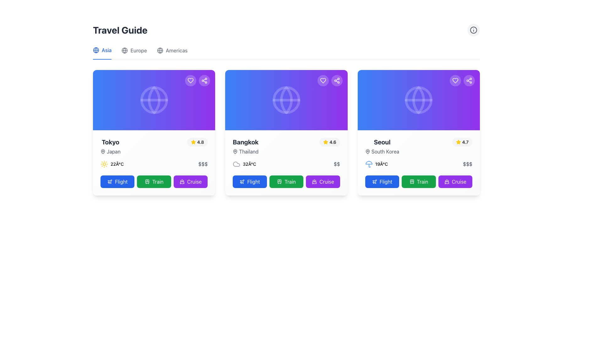 Image resolution: width=603 pixels, height=339 pixels. What do you see at coordinates (112, 164) in the screenshot?
I see `the temperature display text for the city Tokyo, which is located beneath the city name and country in the card layout, accompanied by a weather-related icon` at bounding box center [112, 164].